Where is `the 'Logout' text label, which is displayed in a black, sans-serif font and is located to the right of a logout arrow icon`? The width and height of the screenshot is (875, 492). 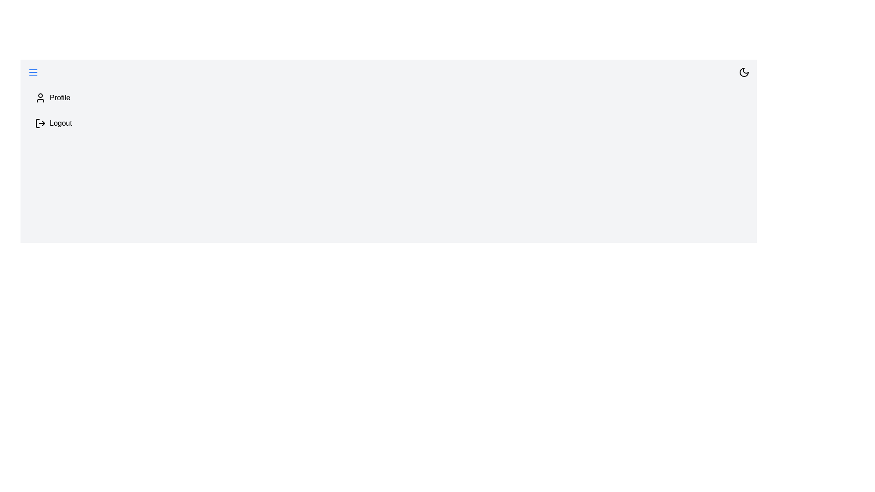
the 'Logout' text label, which is displayed in a black, sans-serif font and is located to the right of a logout arrow icon is located at coordinates (60, 123).